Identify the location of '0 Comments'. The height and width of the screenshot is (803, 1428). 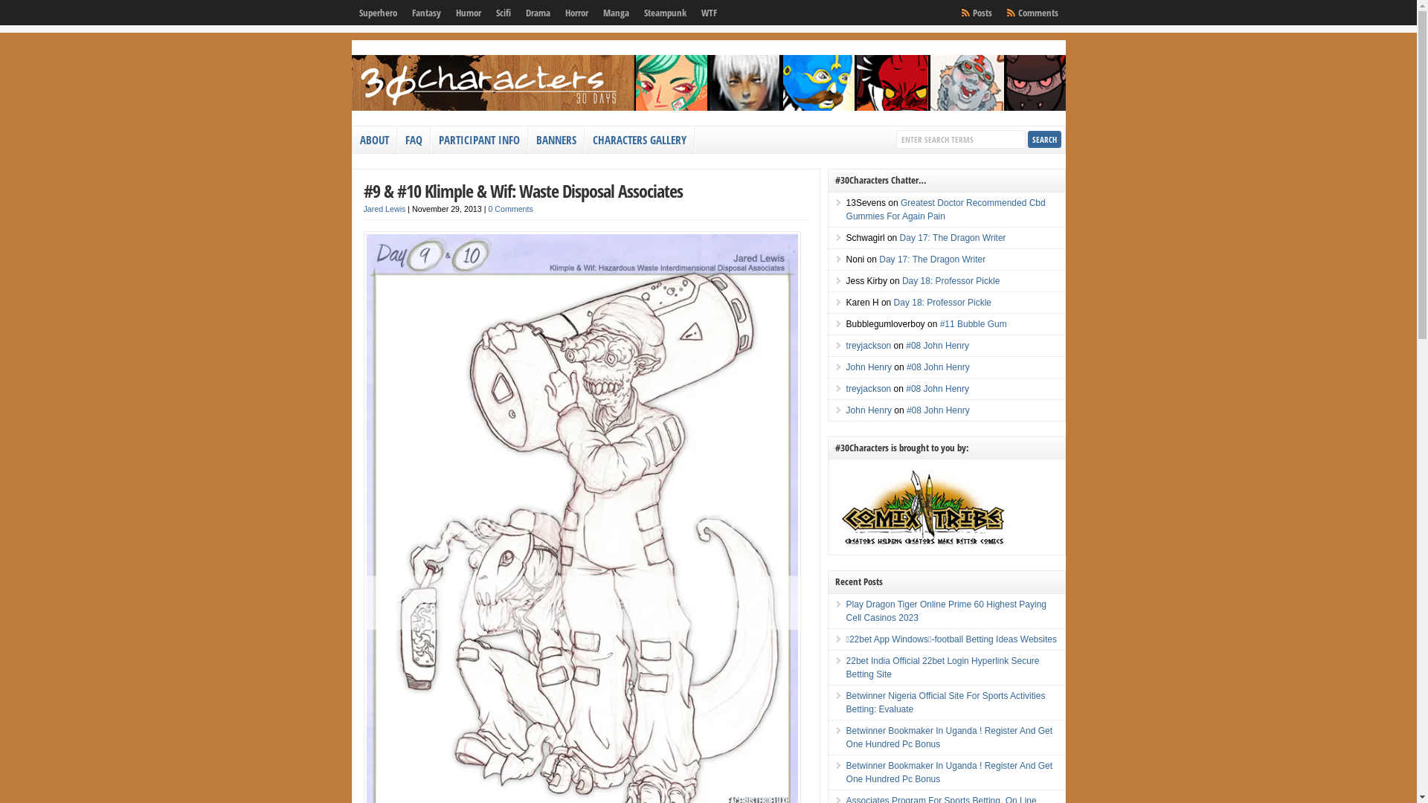
(510, 209).